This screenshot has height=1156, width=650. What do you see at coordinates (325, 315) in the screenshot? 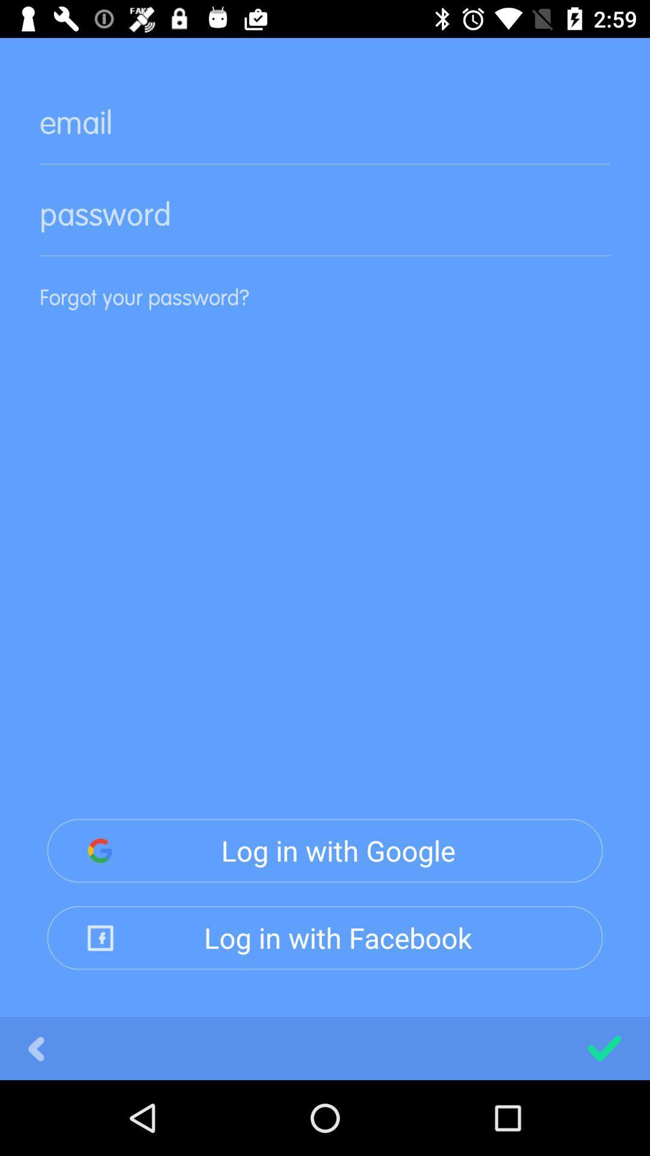
I see `the item above log in with icon` at bounding box center [325, 315].